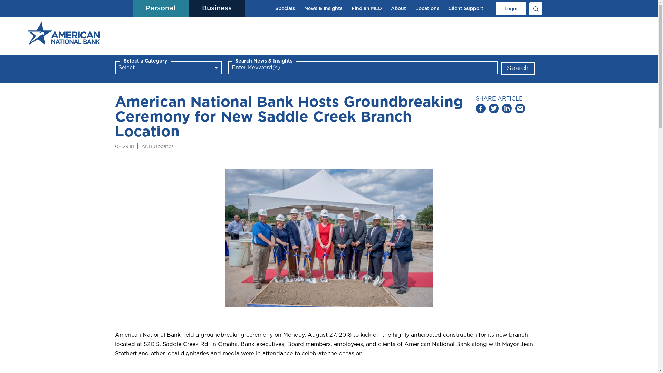  Describe the element at coordinates (323, 8) in the screenshot. I see `'News & Insights'` at that location.